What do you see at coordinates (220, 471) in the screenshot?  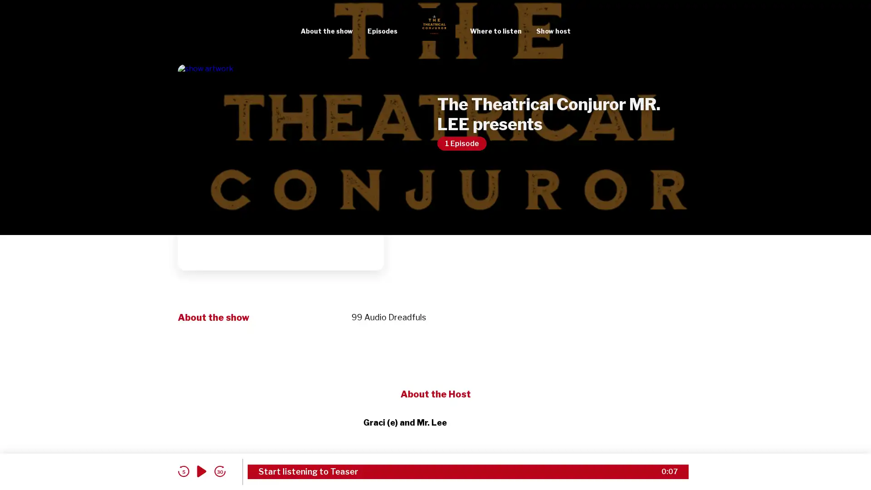 I see `skip forward 30 seconds` at bounding box center [220, 471].